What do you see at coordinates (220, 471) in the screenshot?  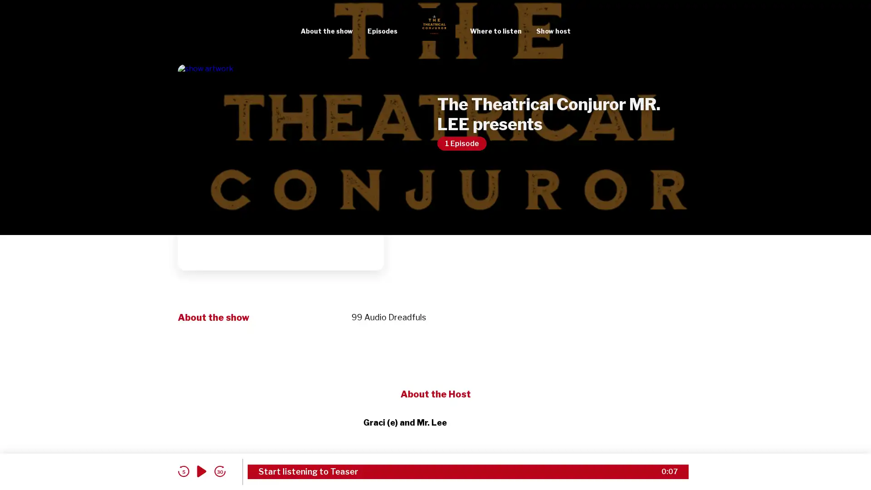 I see `skip forward 30 seconds` at bounding box center [220, 471].